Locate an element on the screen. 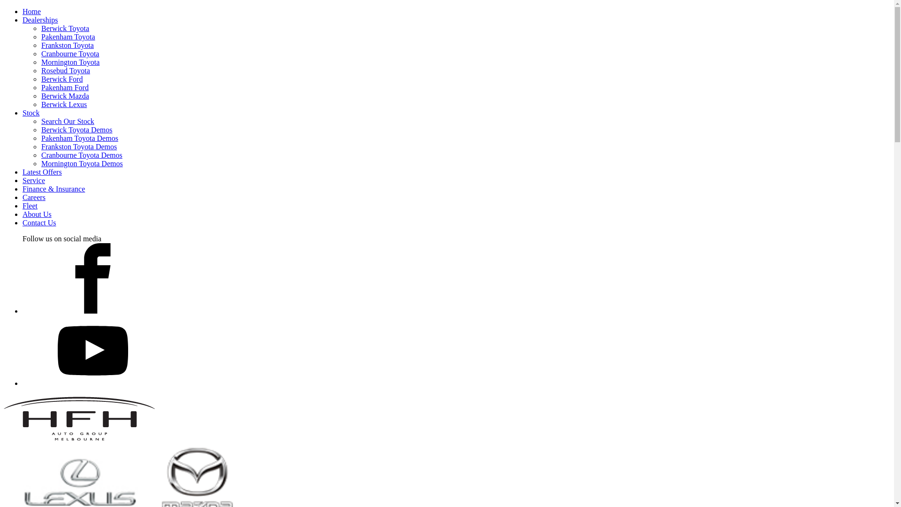 This screenshot has height=507, width=901. 'Home' is located at coordinates (31, 11).